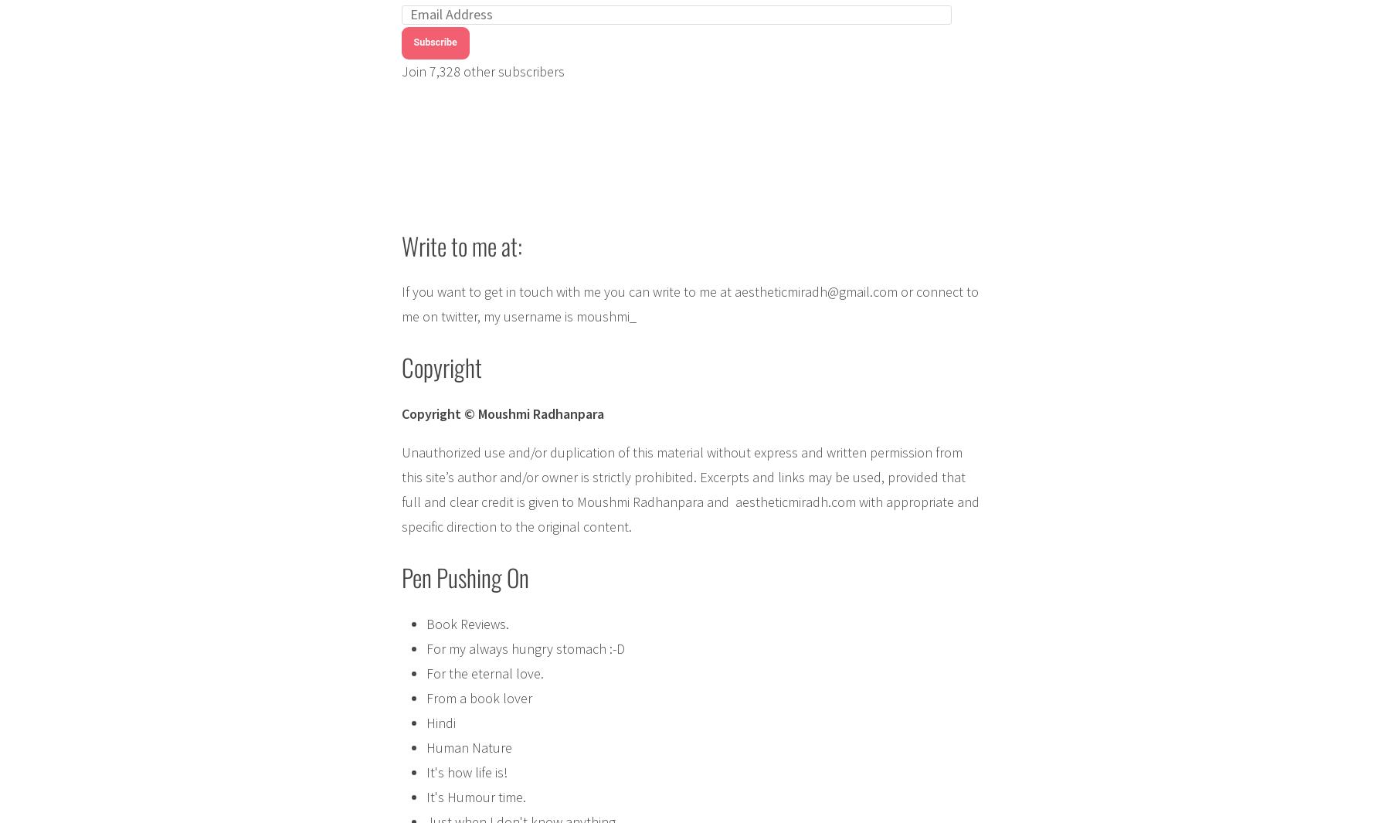  What do you see at coordinates (399, 366) in the screenshot?
I see `'Copyright'` at bounding box center [399, 366].